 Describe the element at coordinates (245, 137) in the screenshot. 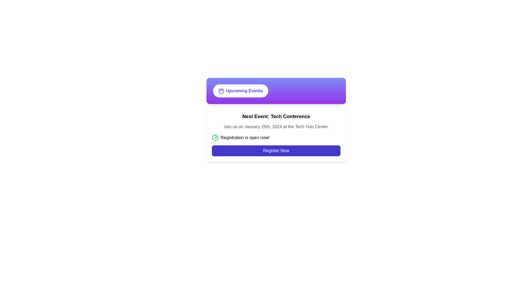

I see `notification label indicating the registration status for the event, which is part of a horizontal layout next to a green check mark icon, located centrally below the headline 'Next Event: Tech Conference'` at that location.